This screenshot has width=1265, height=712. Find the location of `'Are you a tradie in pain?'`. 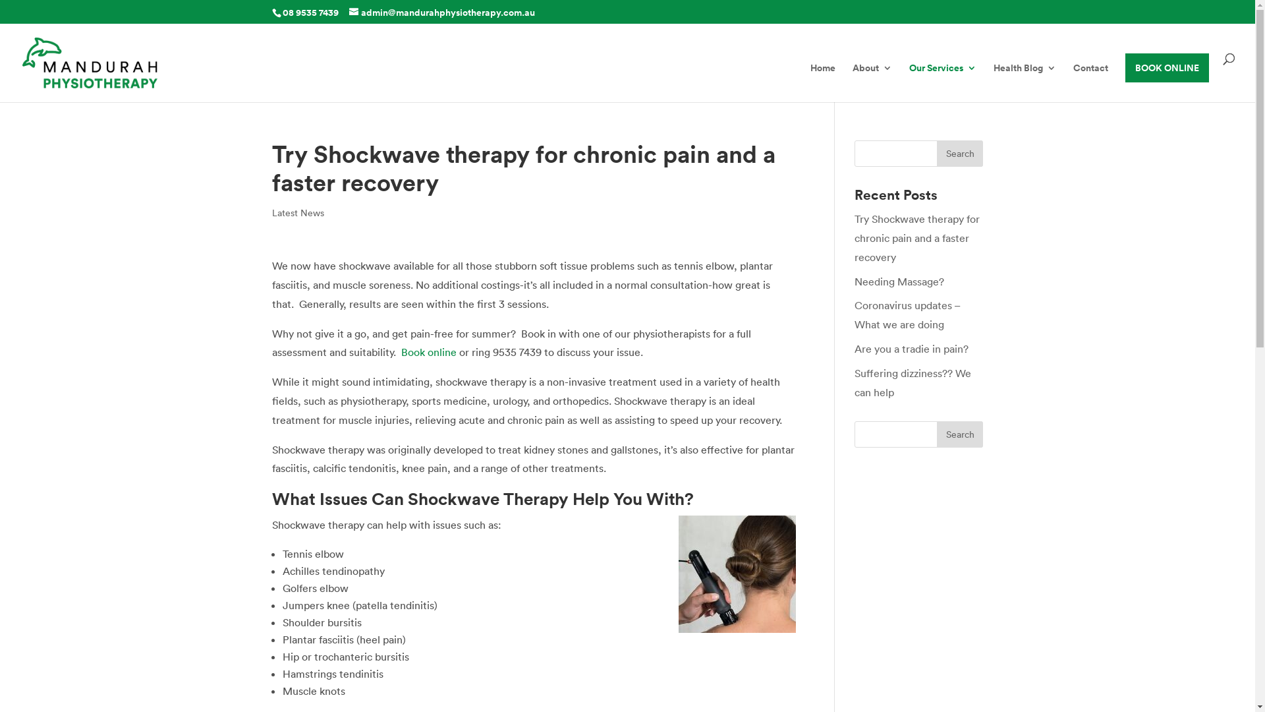

'Are you a tradie in pain?' is located at coordinates (911, 347).